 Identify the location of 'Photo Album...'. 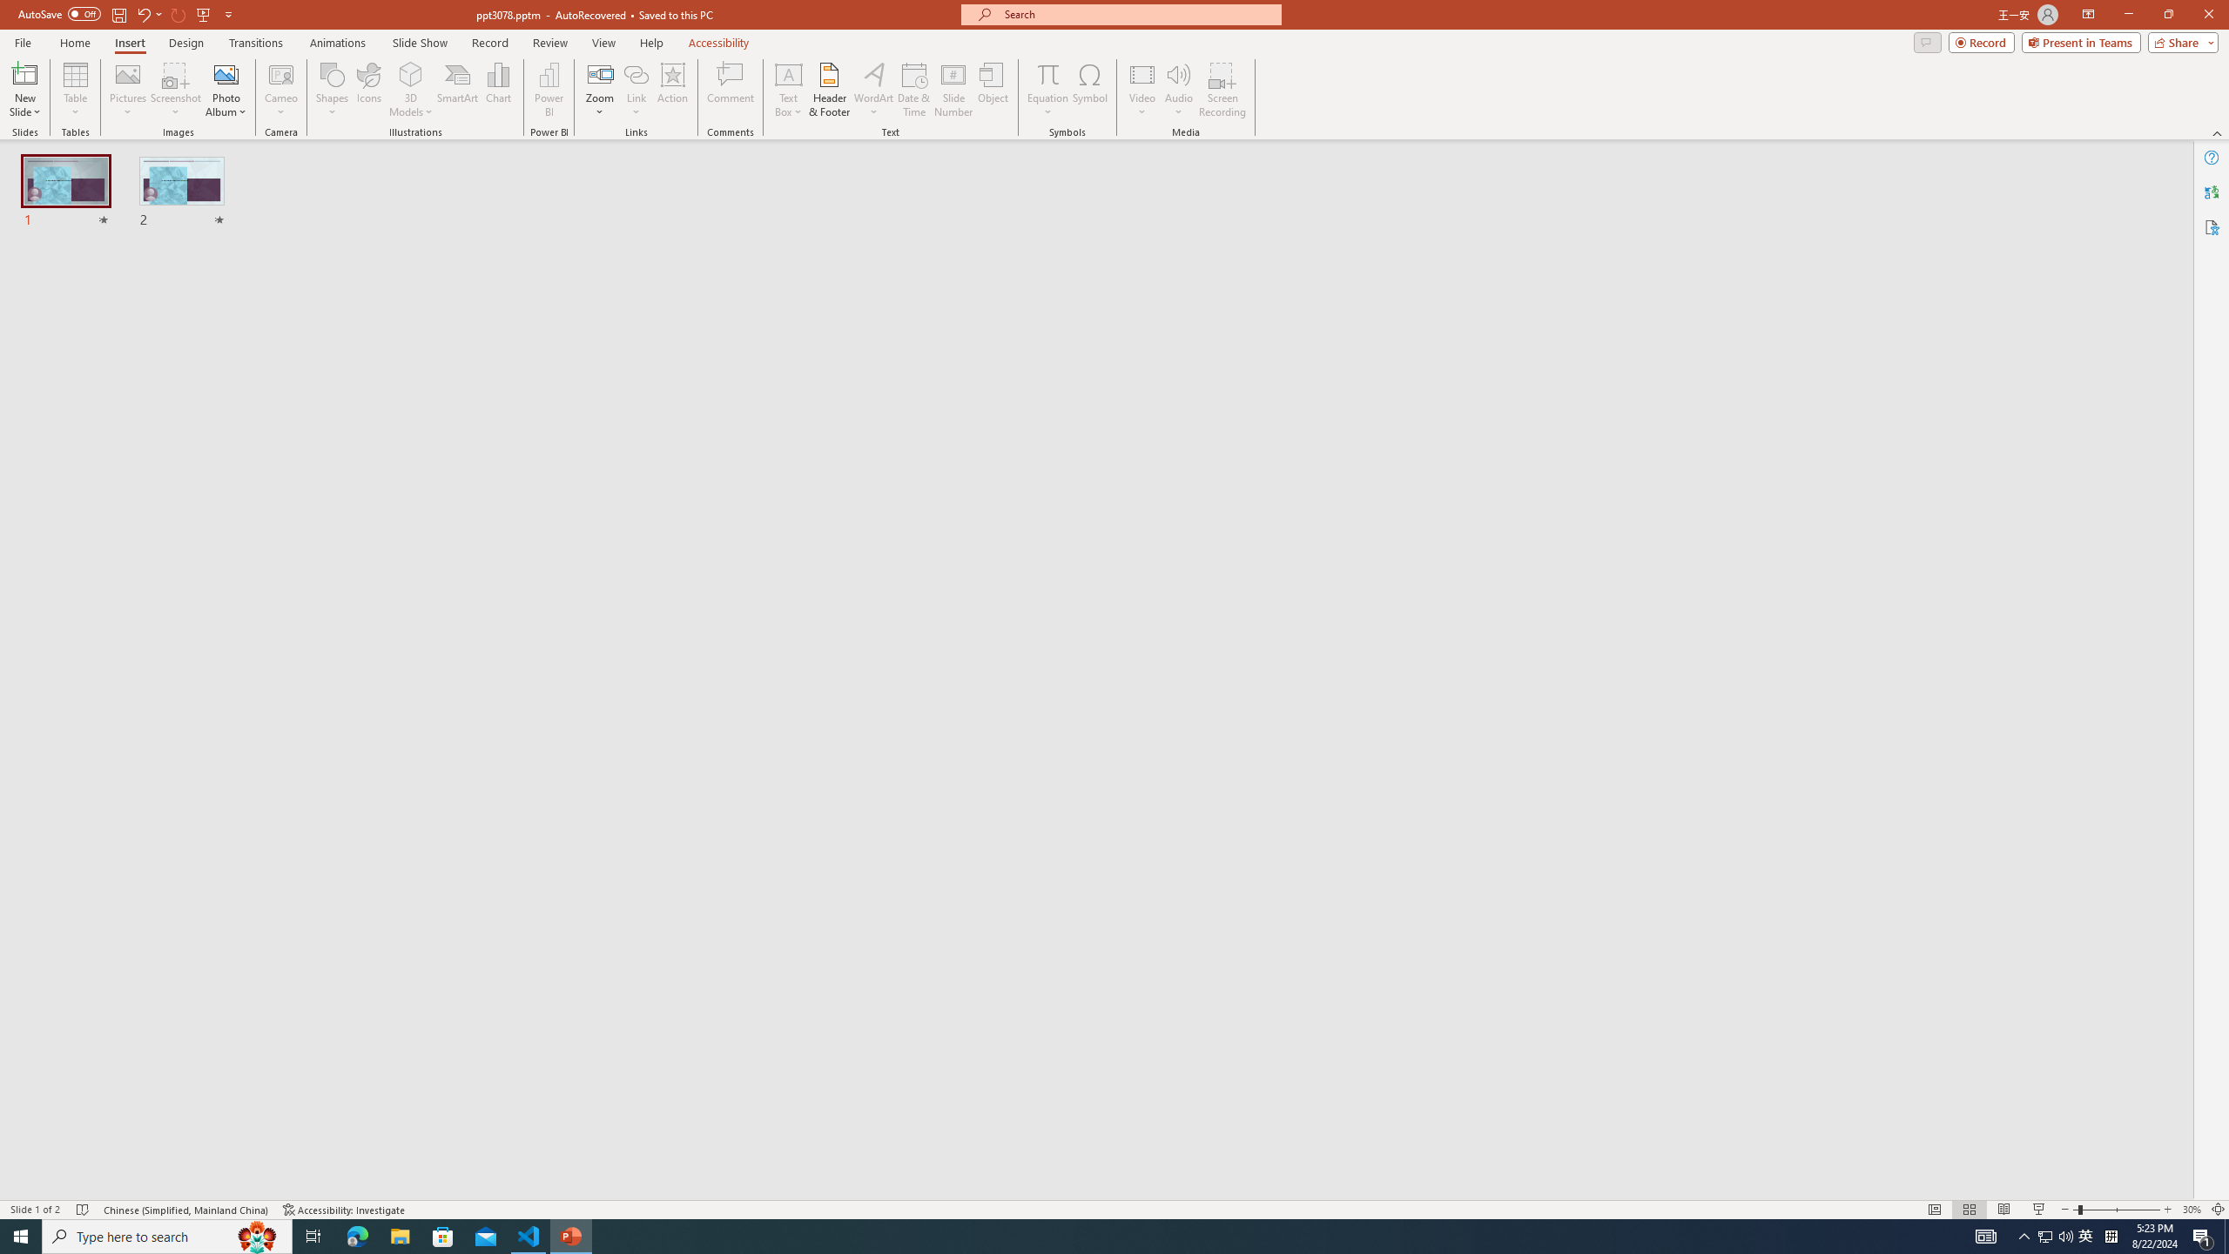
(225, 90).